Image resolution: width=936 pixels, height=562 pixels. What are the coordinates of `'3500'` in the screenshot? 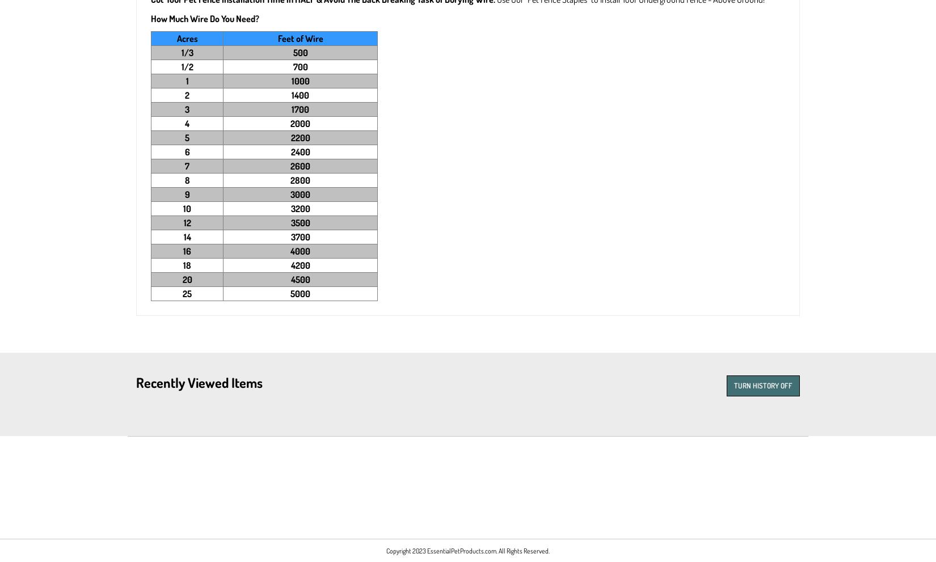 It's located at (299, 222).